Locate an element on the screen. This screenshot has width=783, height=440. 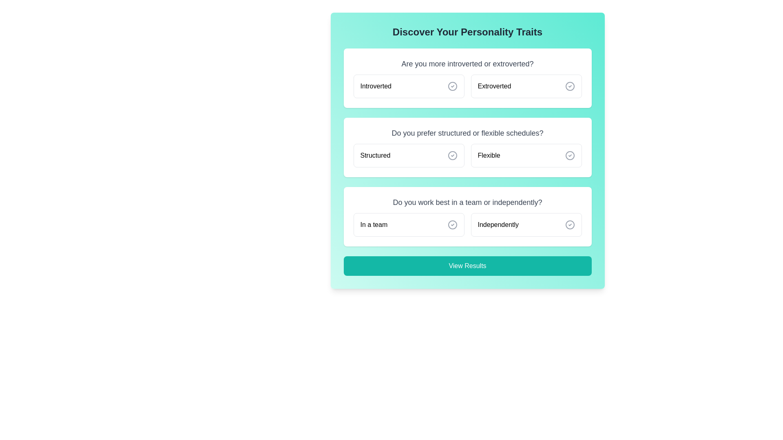
the icon indicating the selected or enabled state for the 'Flexible' option in the scheduling preferences question to confirm the selection is located at coordinates (569, 155).